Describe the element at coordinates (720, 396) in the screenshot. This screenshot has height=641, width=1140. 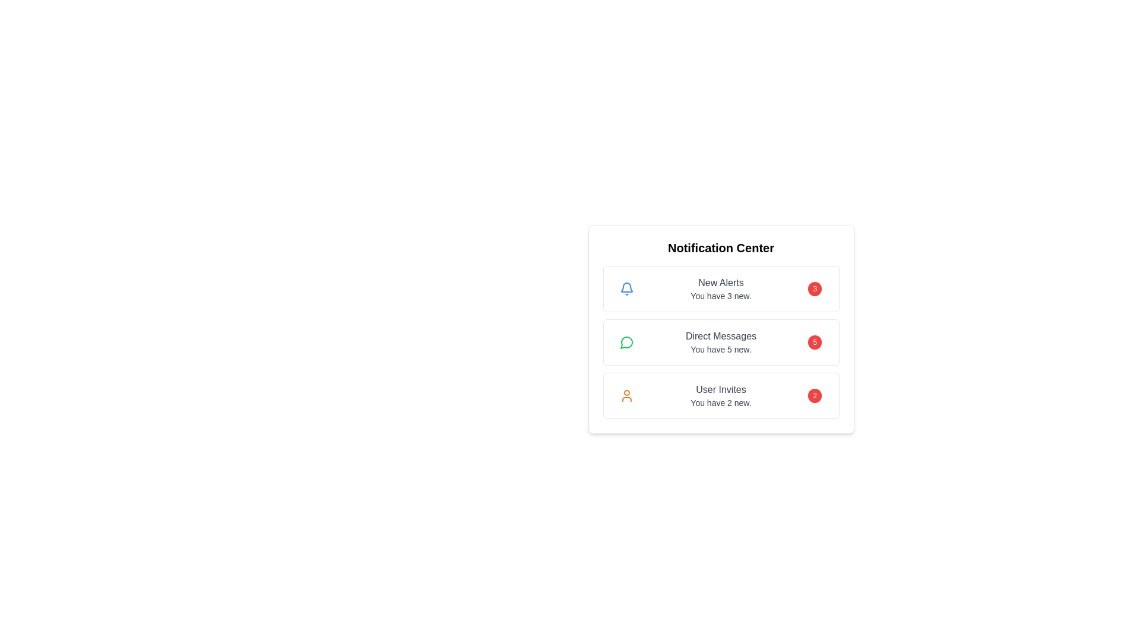
I see `the 'User Invites' information display, which shows the status message 'You have 2 new.' and is located in the third notification entry of the Notification Center` at that location.